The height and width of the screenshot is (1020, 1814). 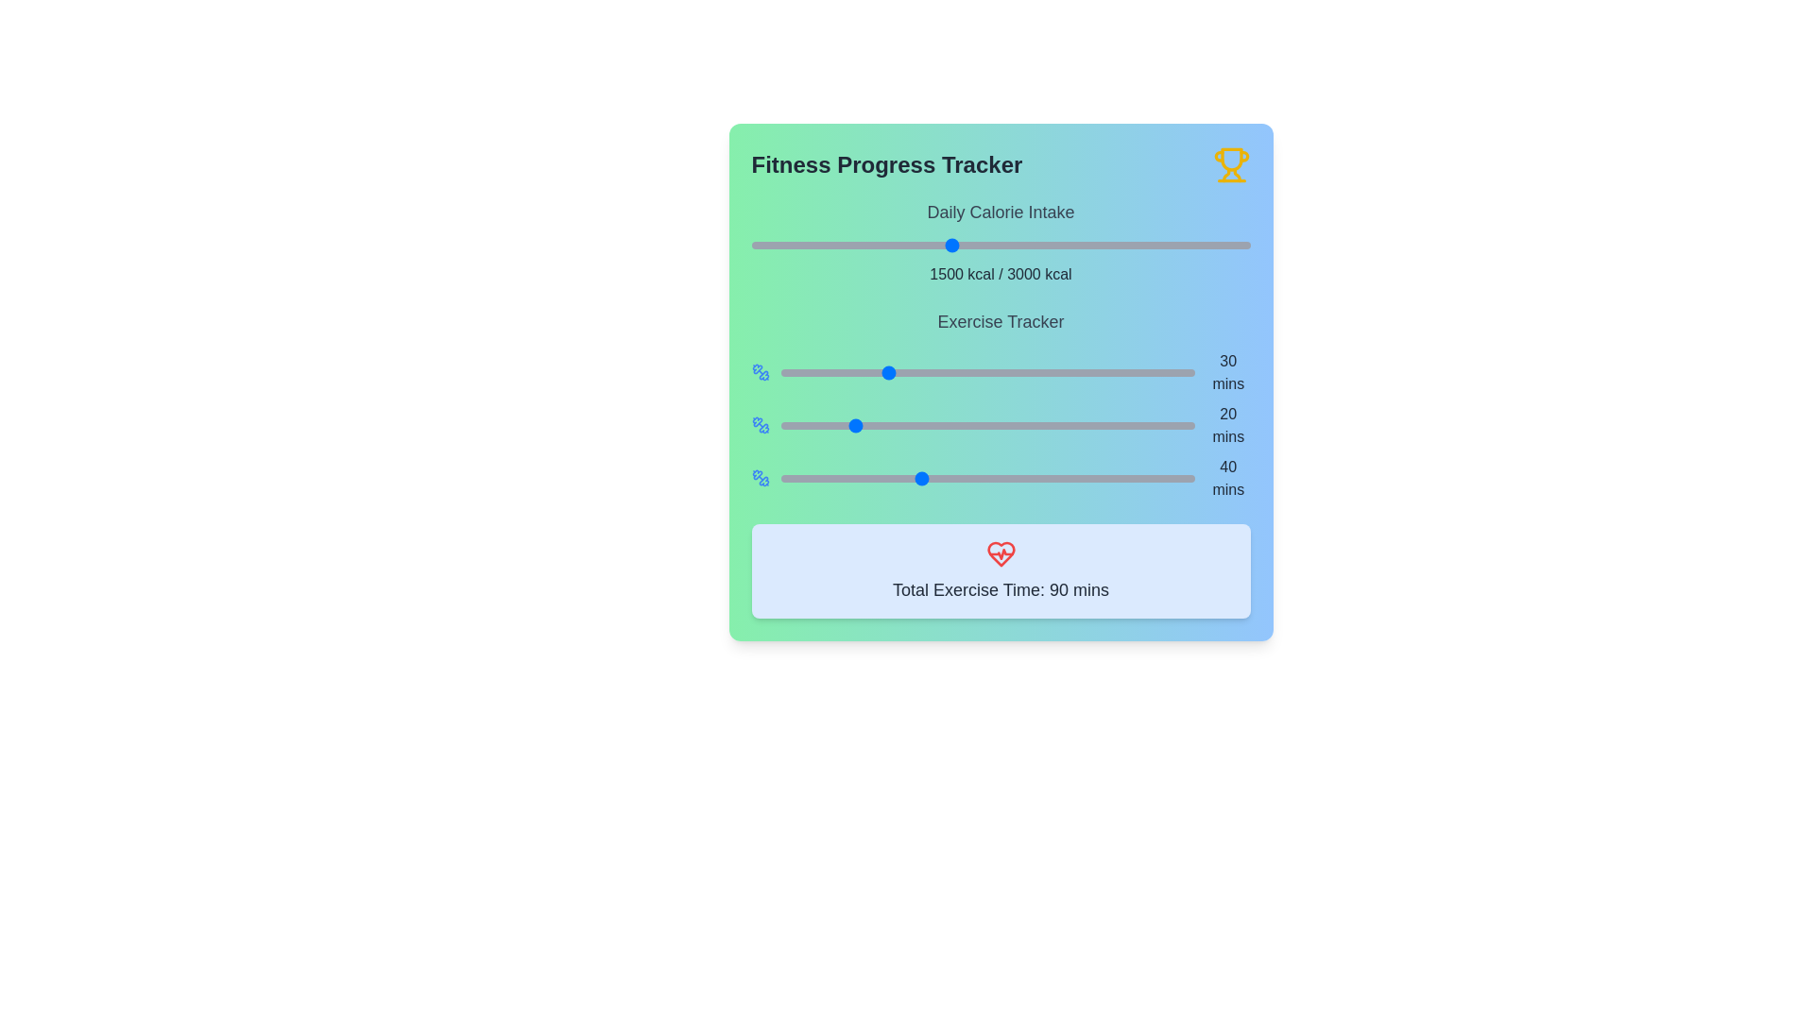 What do you see at coordinates (967, 372) in the screenshot?
I see `the slider value` at bounding box center [967, 372].